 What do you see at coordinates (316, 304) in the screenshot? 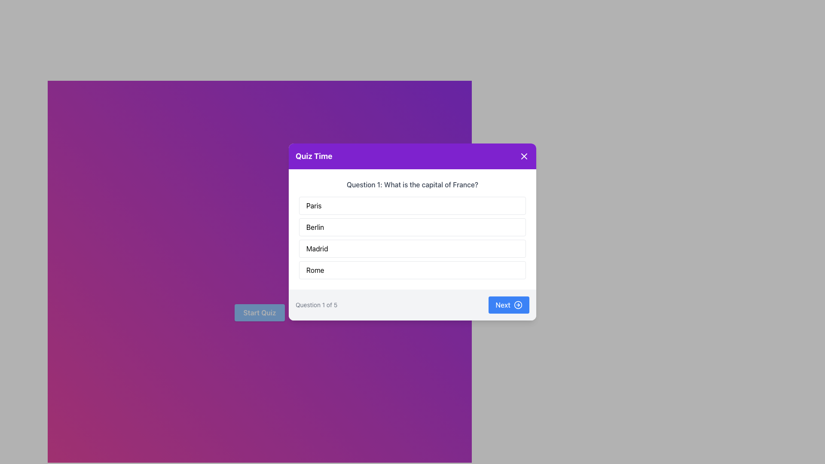
I see `current question number displayed in the text label located at the bottom-left corner of the dialog box, adjacent to the 'Next' button` at bounding box center [316, 304].